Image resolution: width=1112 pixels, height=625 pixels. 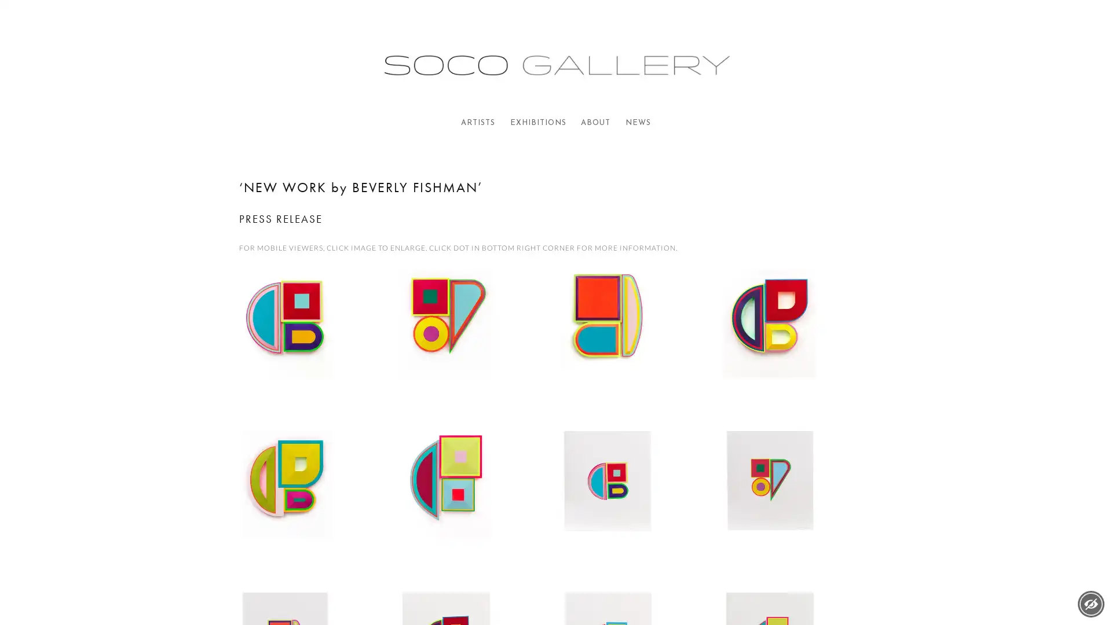 What do you see at coordinates (313, 343) in the screenshot?
I see `View fullsize BEVERLY FISHMAN Untitled (Pain, Depression, Anxiety) , 2021 Urethane paint on wood 43 x 45.75 inches INQUIRE +` at bounding box center [313, 343].